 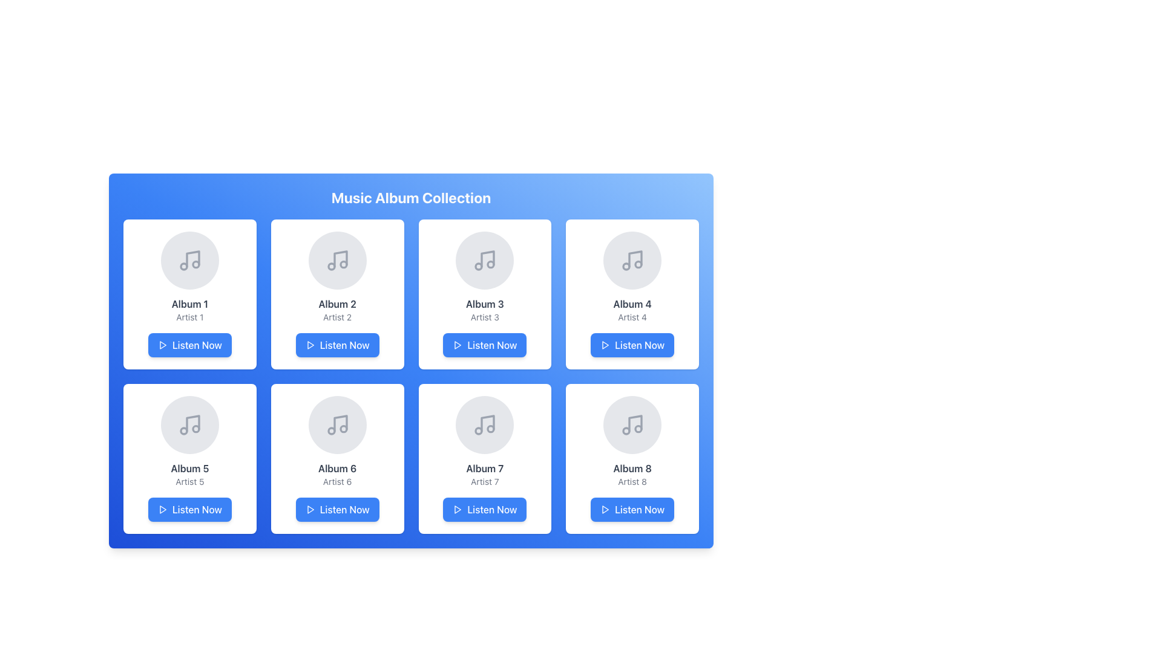 What do you see at coordinates (162, 510) in the screenshot?
I see `the 'Listen Now' button for 'Album 5' by 'Artist 5' to initiate media playback, using the play icon as a visual cue` at bounding box center [162, 510].